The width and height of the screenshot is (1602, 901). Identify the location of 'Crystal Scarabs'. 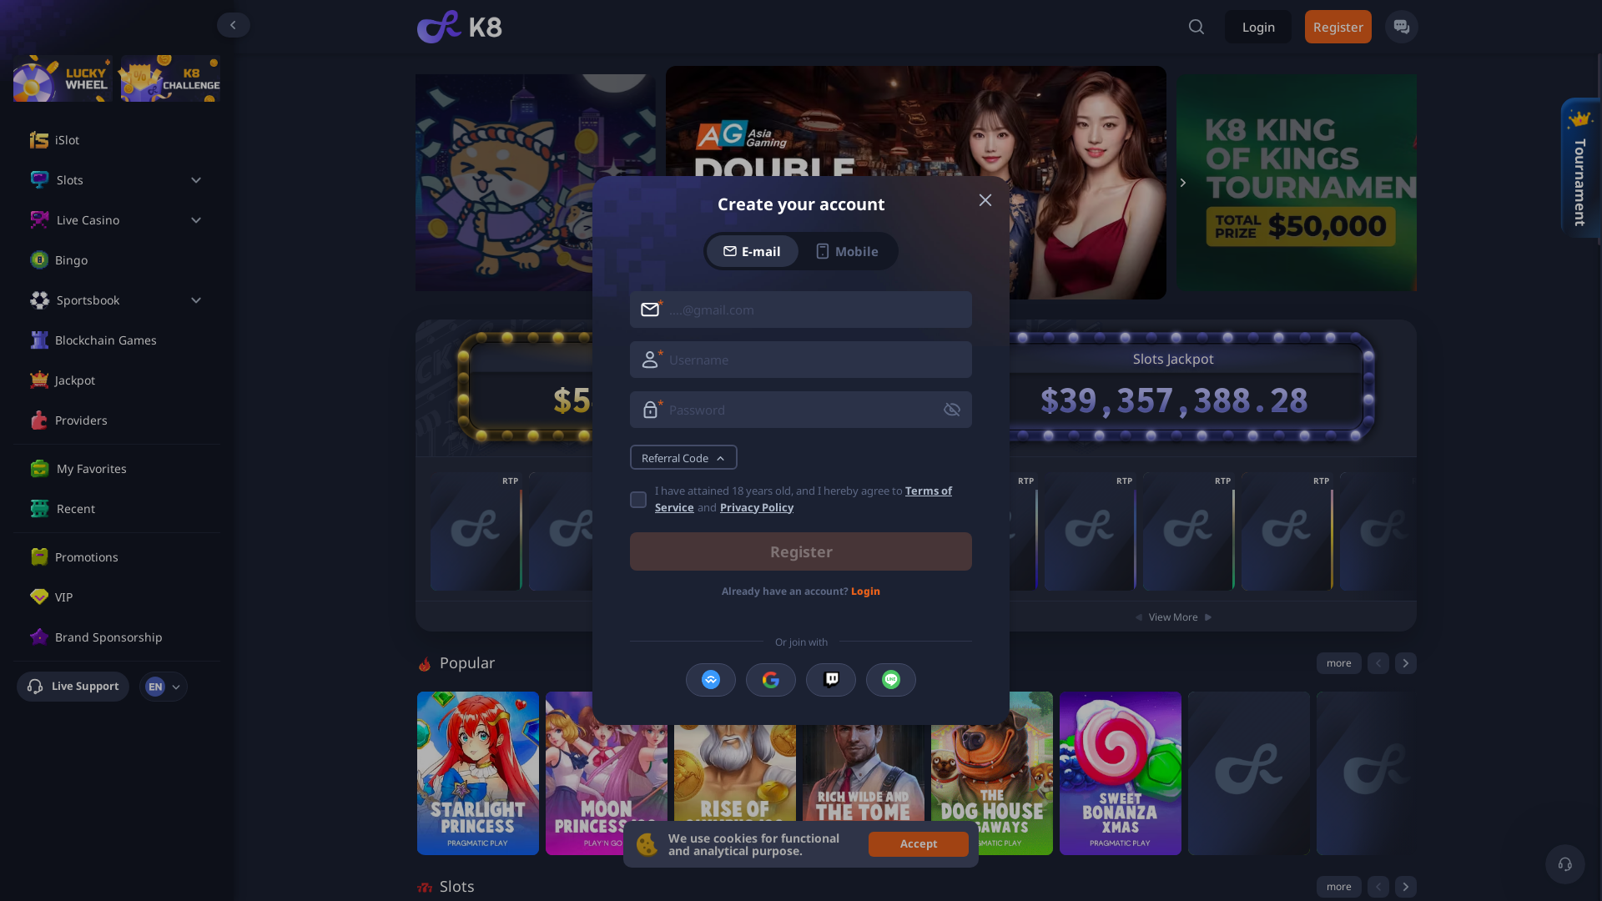
(992, 531).